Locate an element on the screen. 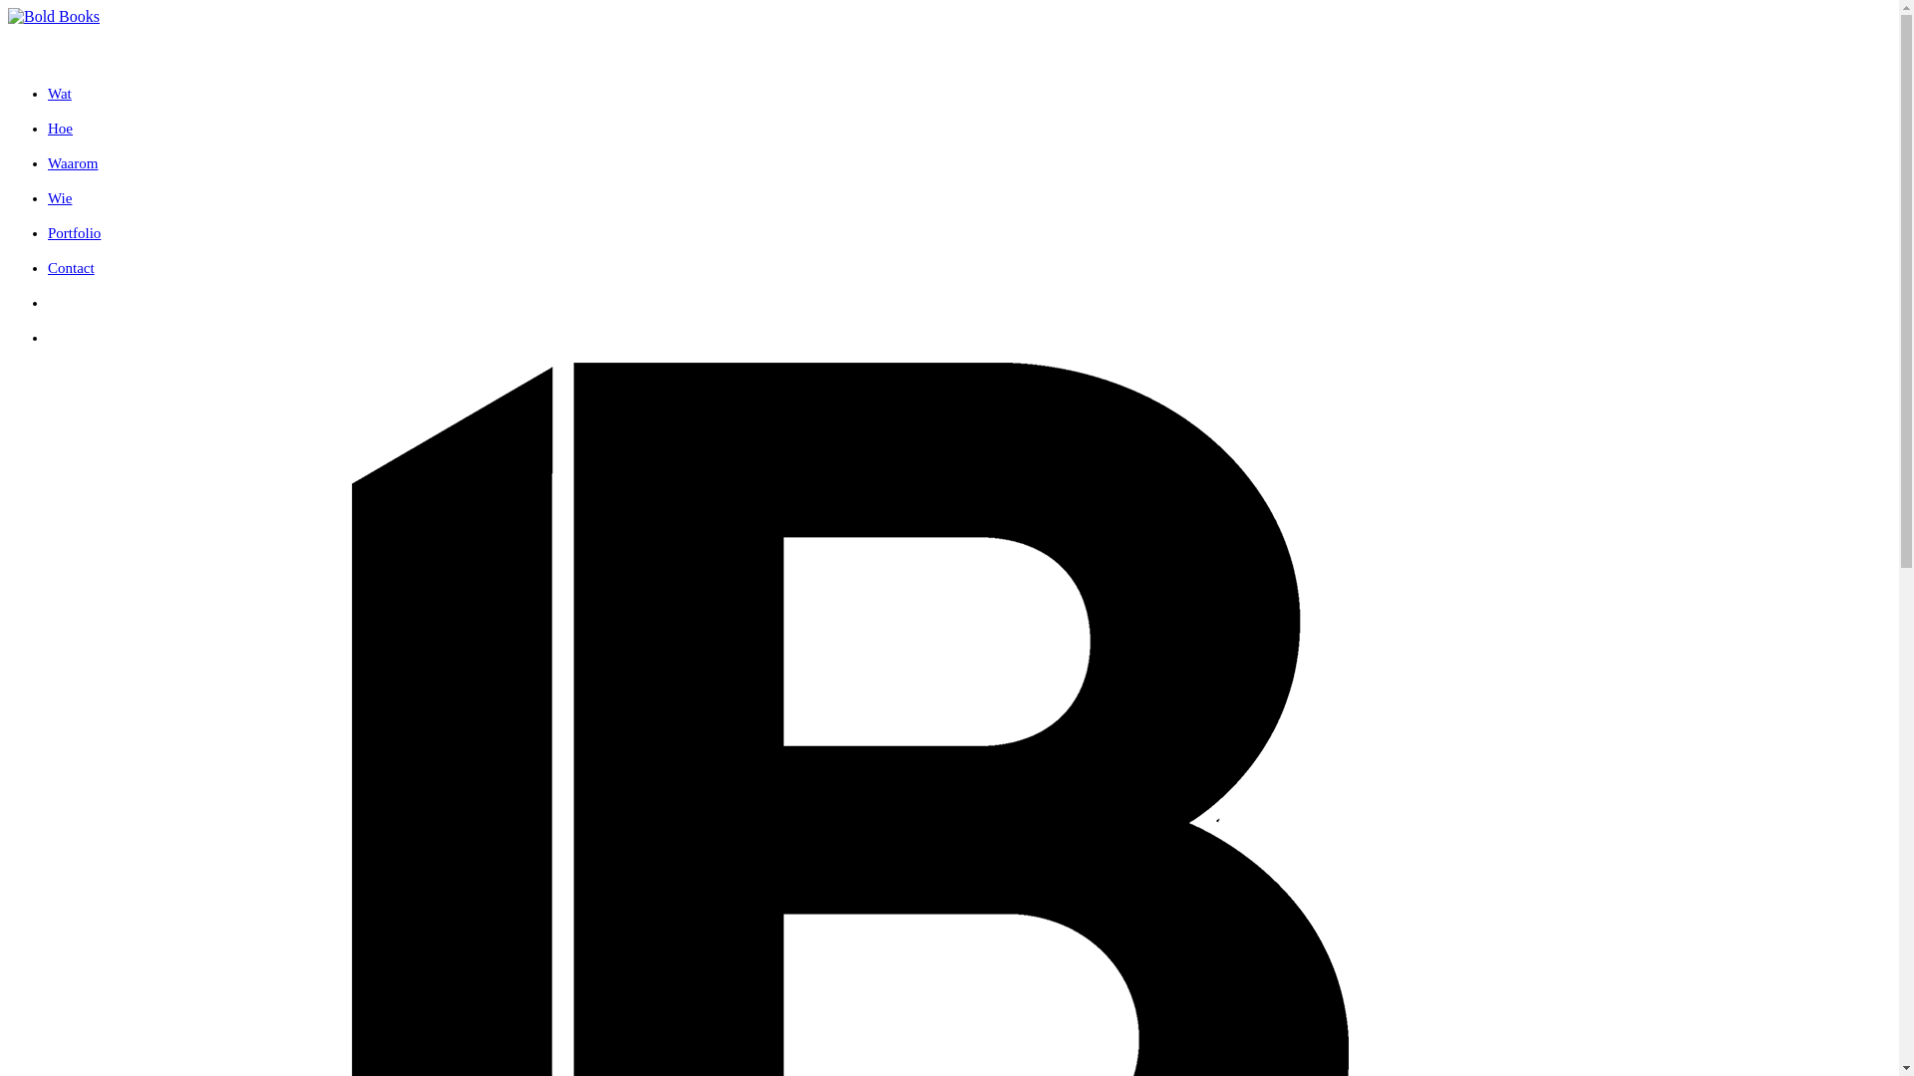 The image size is (1914, 1076). 'Hoe' is located at coordinates (60, 128).